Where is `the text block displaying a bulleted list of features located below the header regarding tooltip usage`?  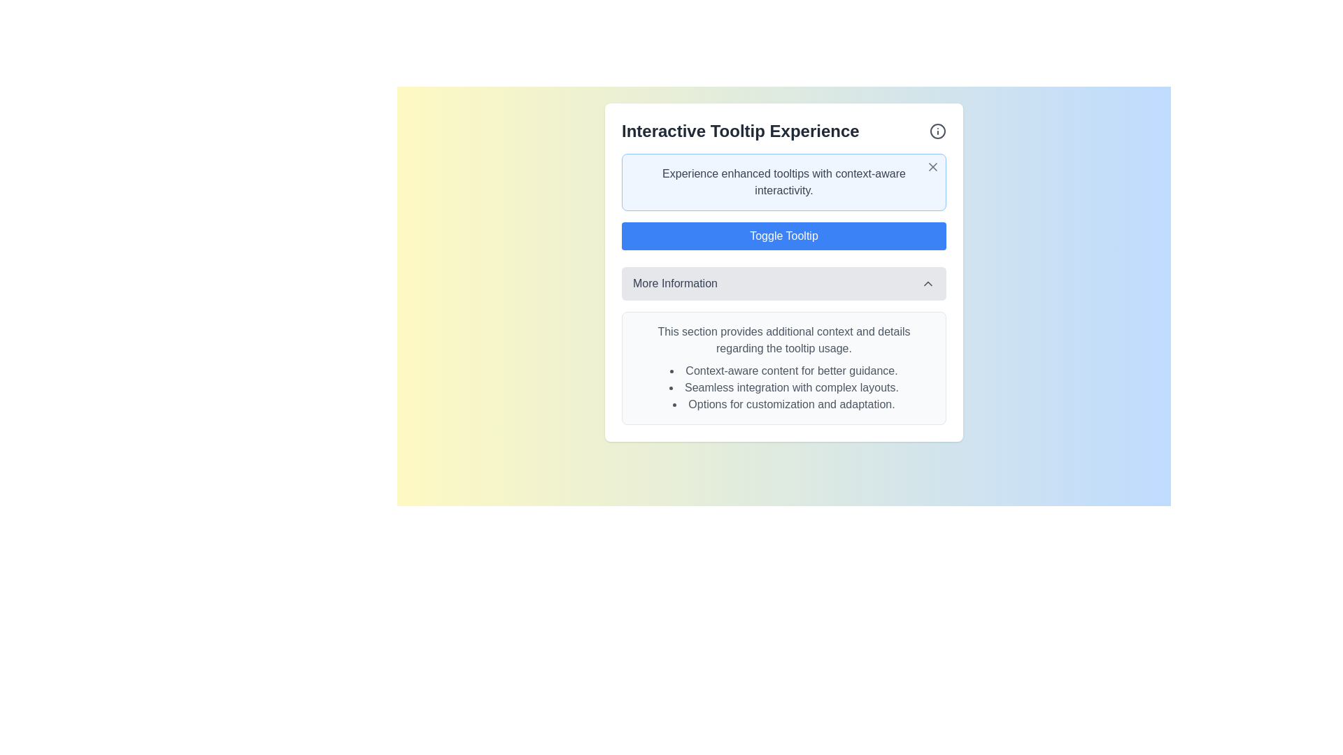
the text block displaying a bulleted list of features located below the header regarding tooltip usage is located at coordinates (784, 388).